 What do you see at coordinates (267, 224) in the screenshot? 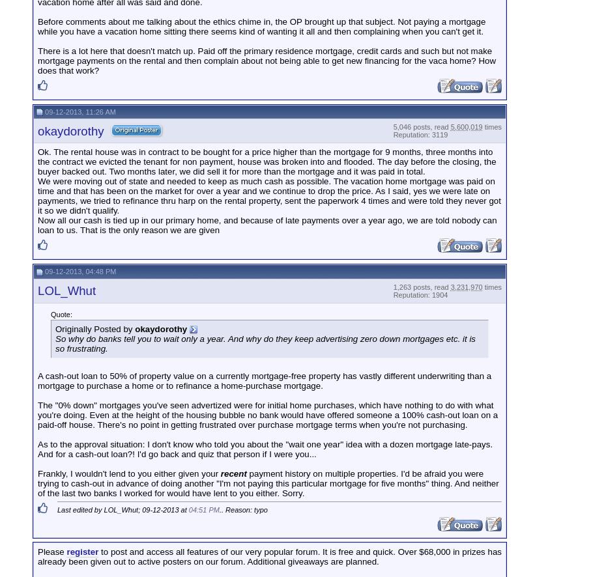
I see `'Now all our cash is tied up in our primary home, and because of late payments over a year ago, we are told nobody can loan to us. That is the only reason we are given'` at bounding box center [267, 224].